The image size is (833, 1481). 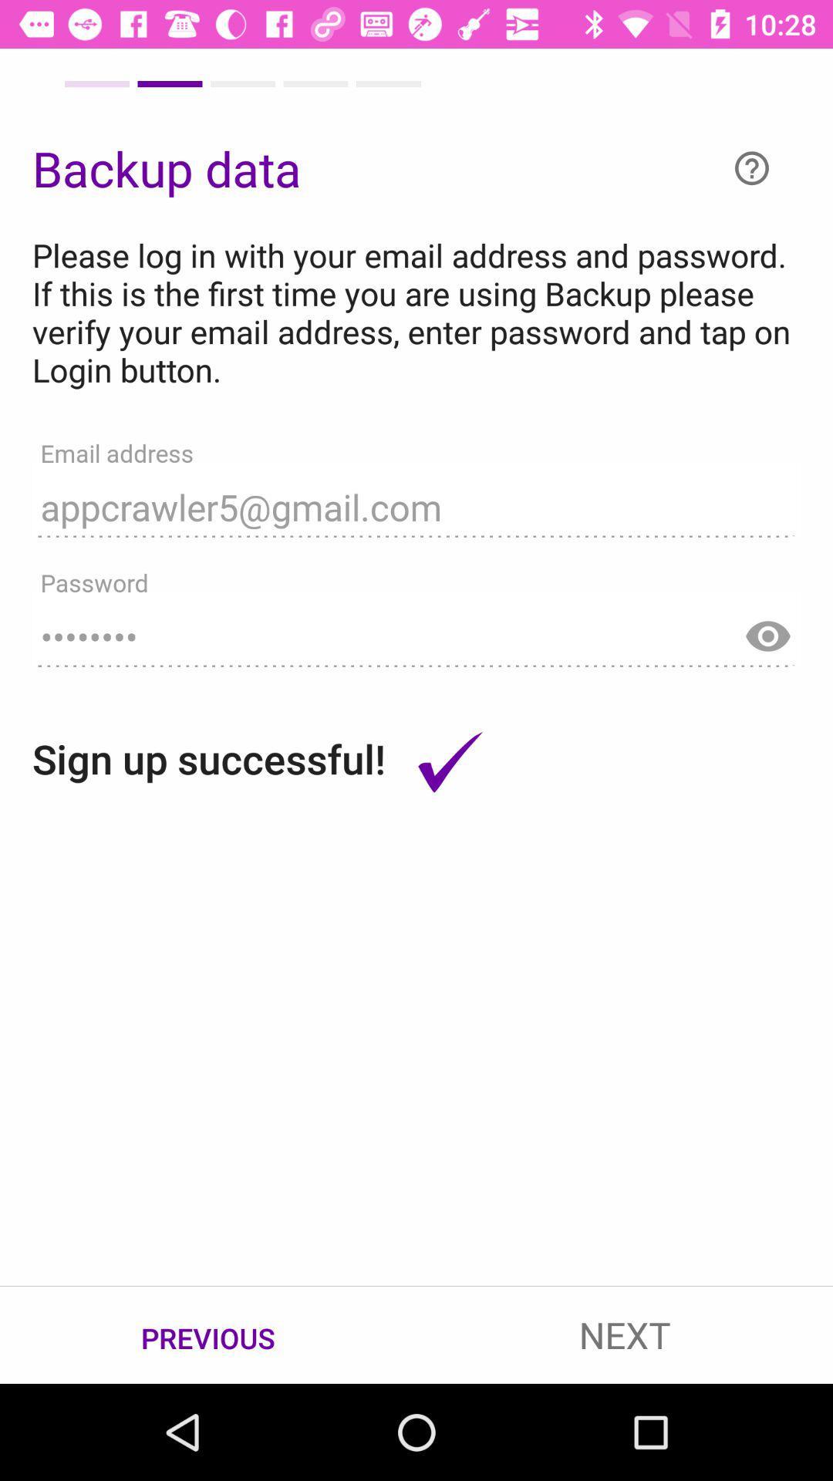 What do you see at coordinates (767, 629) in the screenshot?
I see `hidden text icon` at bounding box center [767, 629].